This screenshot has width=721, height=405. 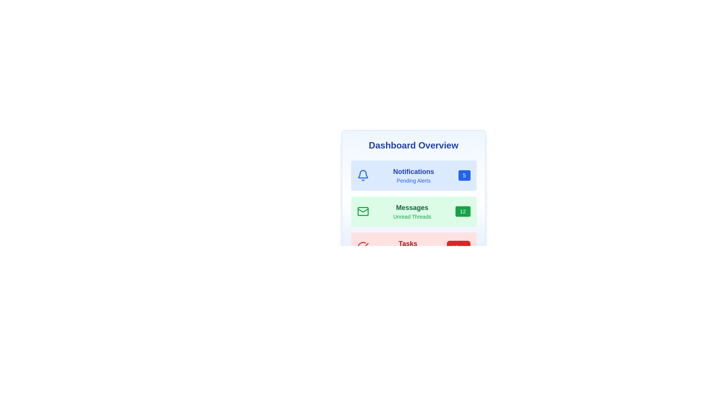 I want to click on the 'Tasks' text label, which is displayed in a bold and large red font, part of the 'Tasks Completed Goals View' card-like component, so click(x=407, y=247).